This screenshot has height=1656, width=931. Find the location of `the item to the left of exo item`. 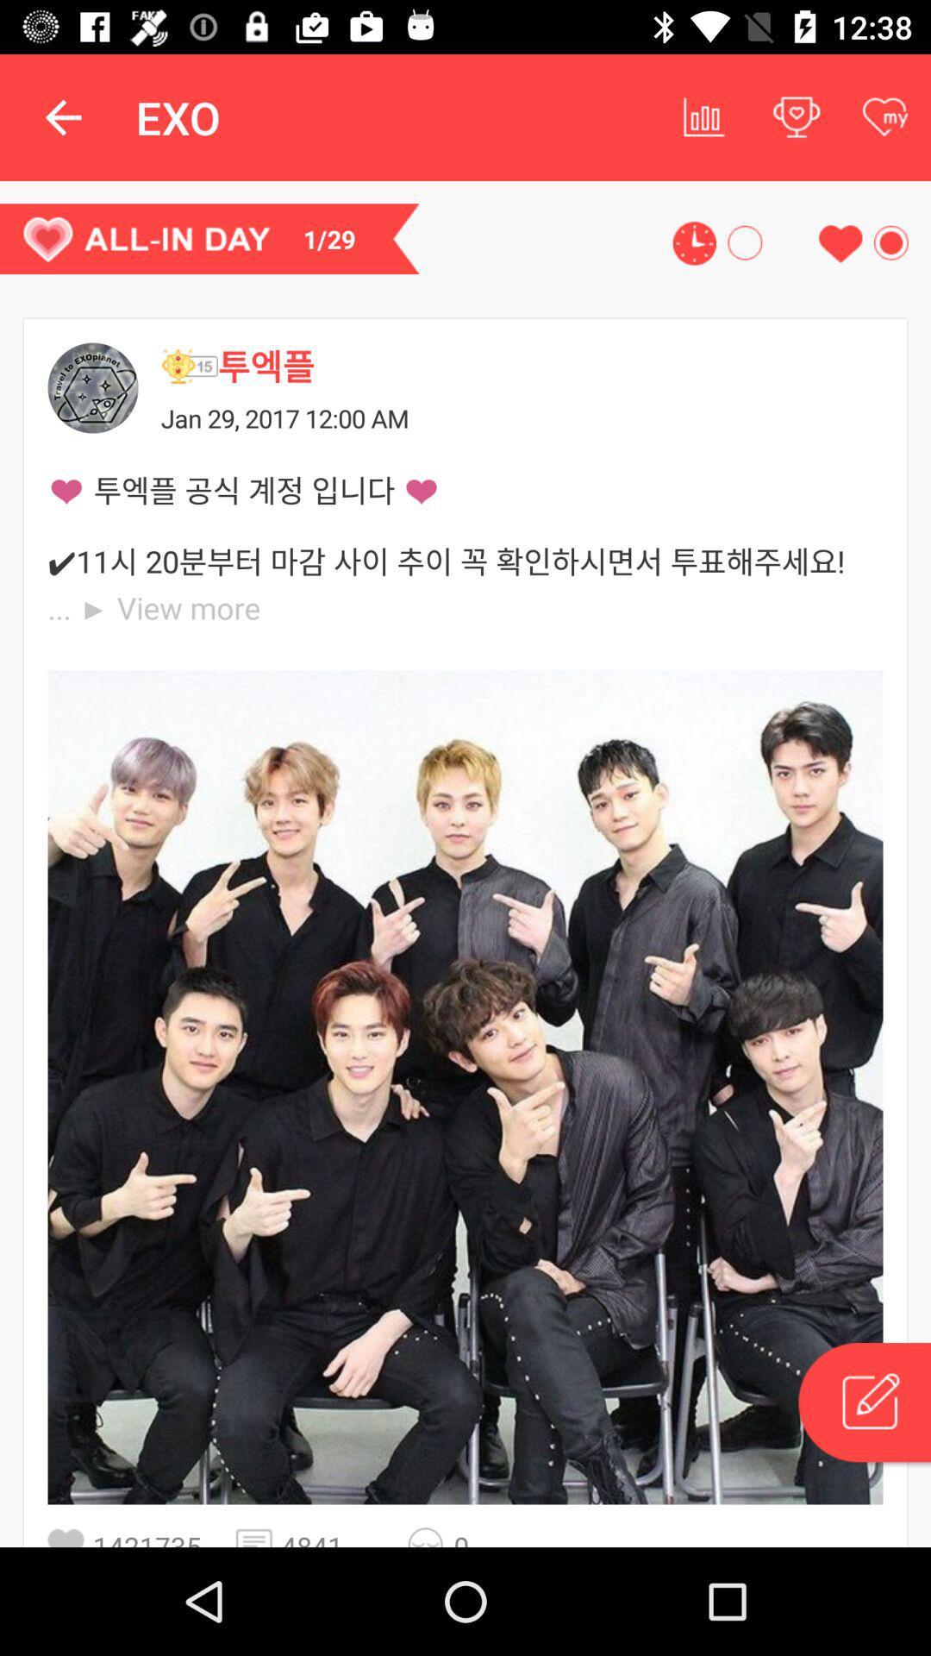

the item to the left of exo item is located at coordinates (62, 116).